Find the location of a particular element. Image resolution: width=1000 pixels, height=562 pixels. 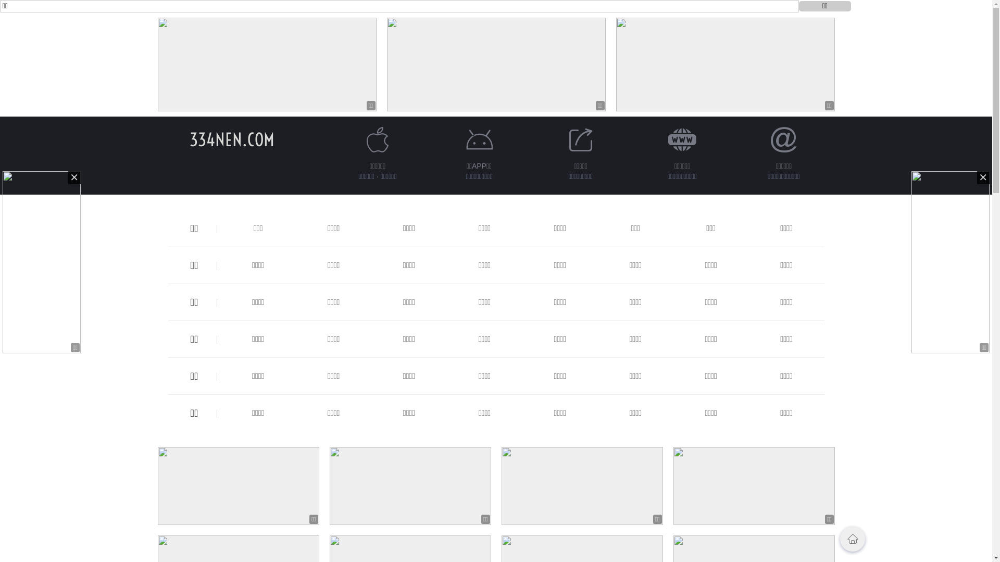

'334NEN.COM' is located at coordinates (231, 139).